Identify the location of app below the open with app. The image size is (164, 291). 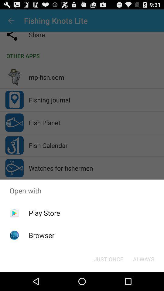
(44, 213).